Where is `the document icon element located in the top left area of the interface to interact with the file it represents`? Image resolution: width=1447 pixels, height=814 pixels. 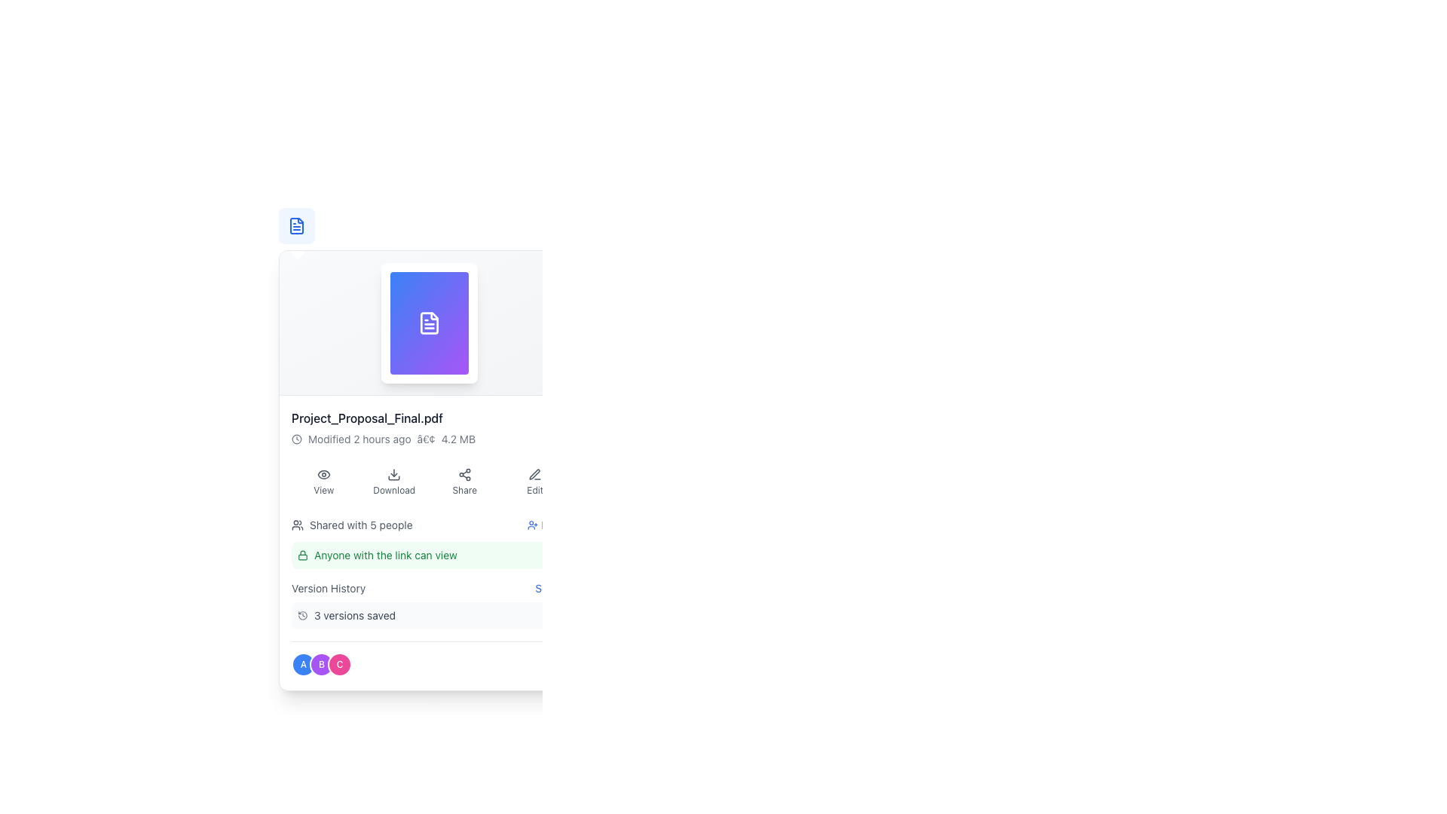
the document icon element located in the top left area of the interface to interact with the file it represents is located at coordinates (296, 226).